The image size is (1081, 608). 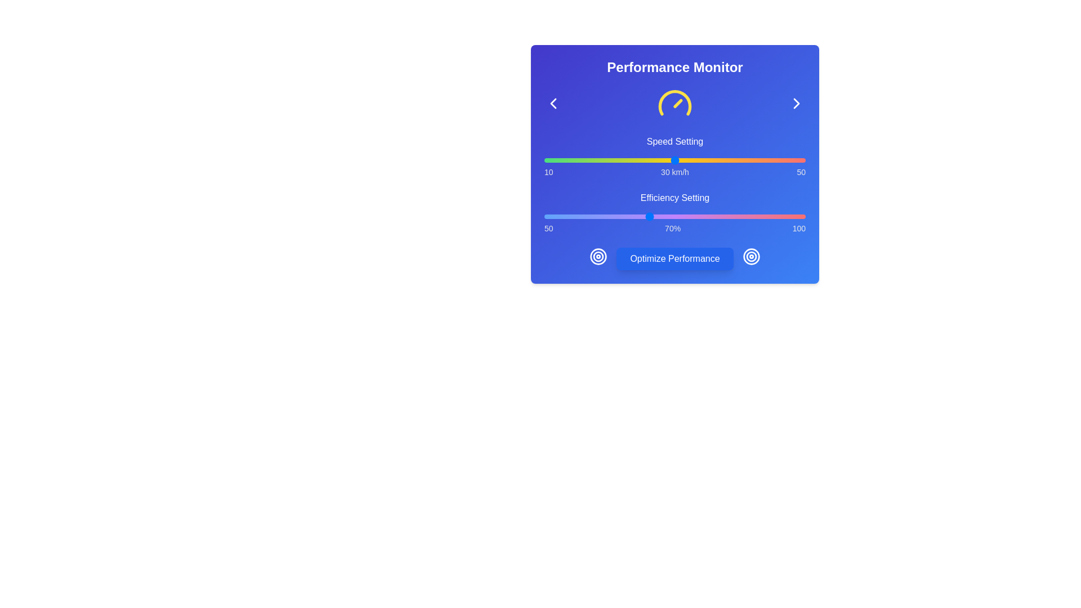 What do you see at coordinates (743, 217) in the screenshot?
I see `the Efficiency slider to set the efficiency to 88%` at bounding box center [743, 217].